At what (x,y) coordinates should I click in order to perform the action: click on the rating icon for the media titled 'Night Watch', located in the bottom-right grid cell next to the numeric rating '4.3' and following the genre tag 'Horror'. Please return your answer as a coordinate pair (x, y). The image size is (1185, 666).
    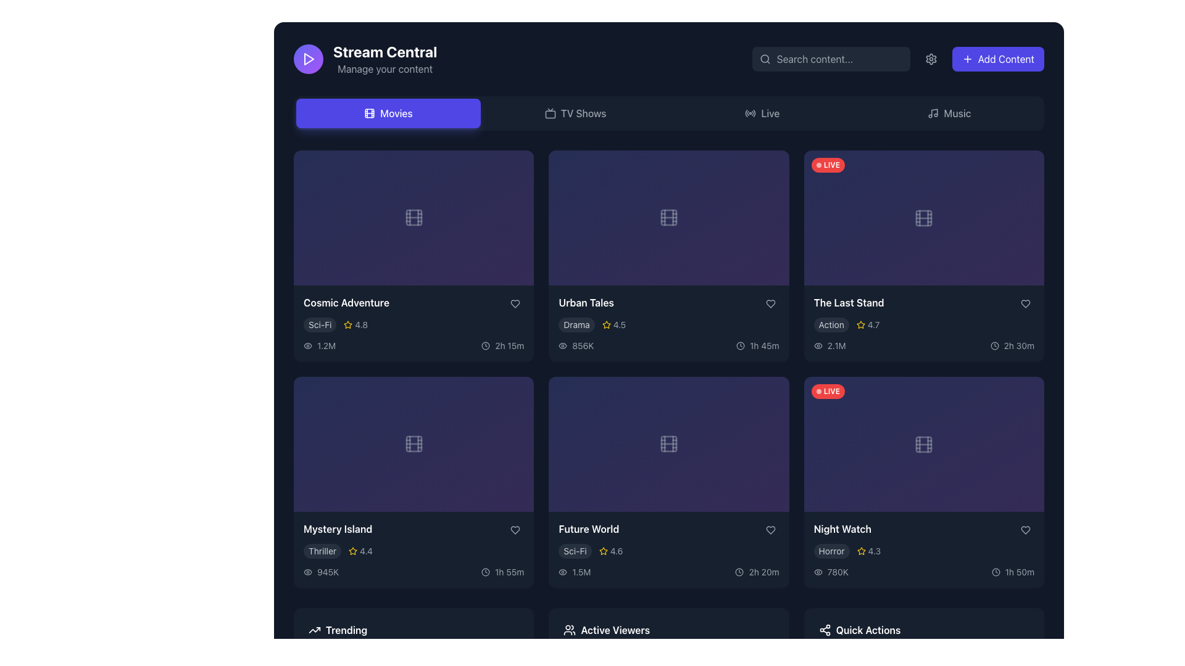
    Looking at the image, I should click on (860, 551).